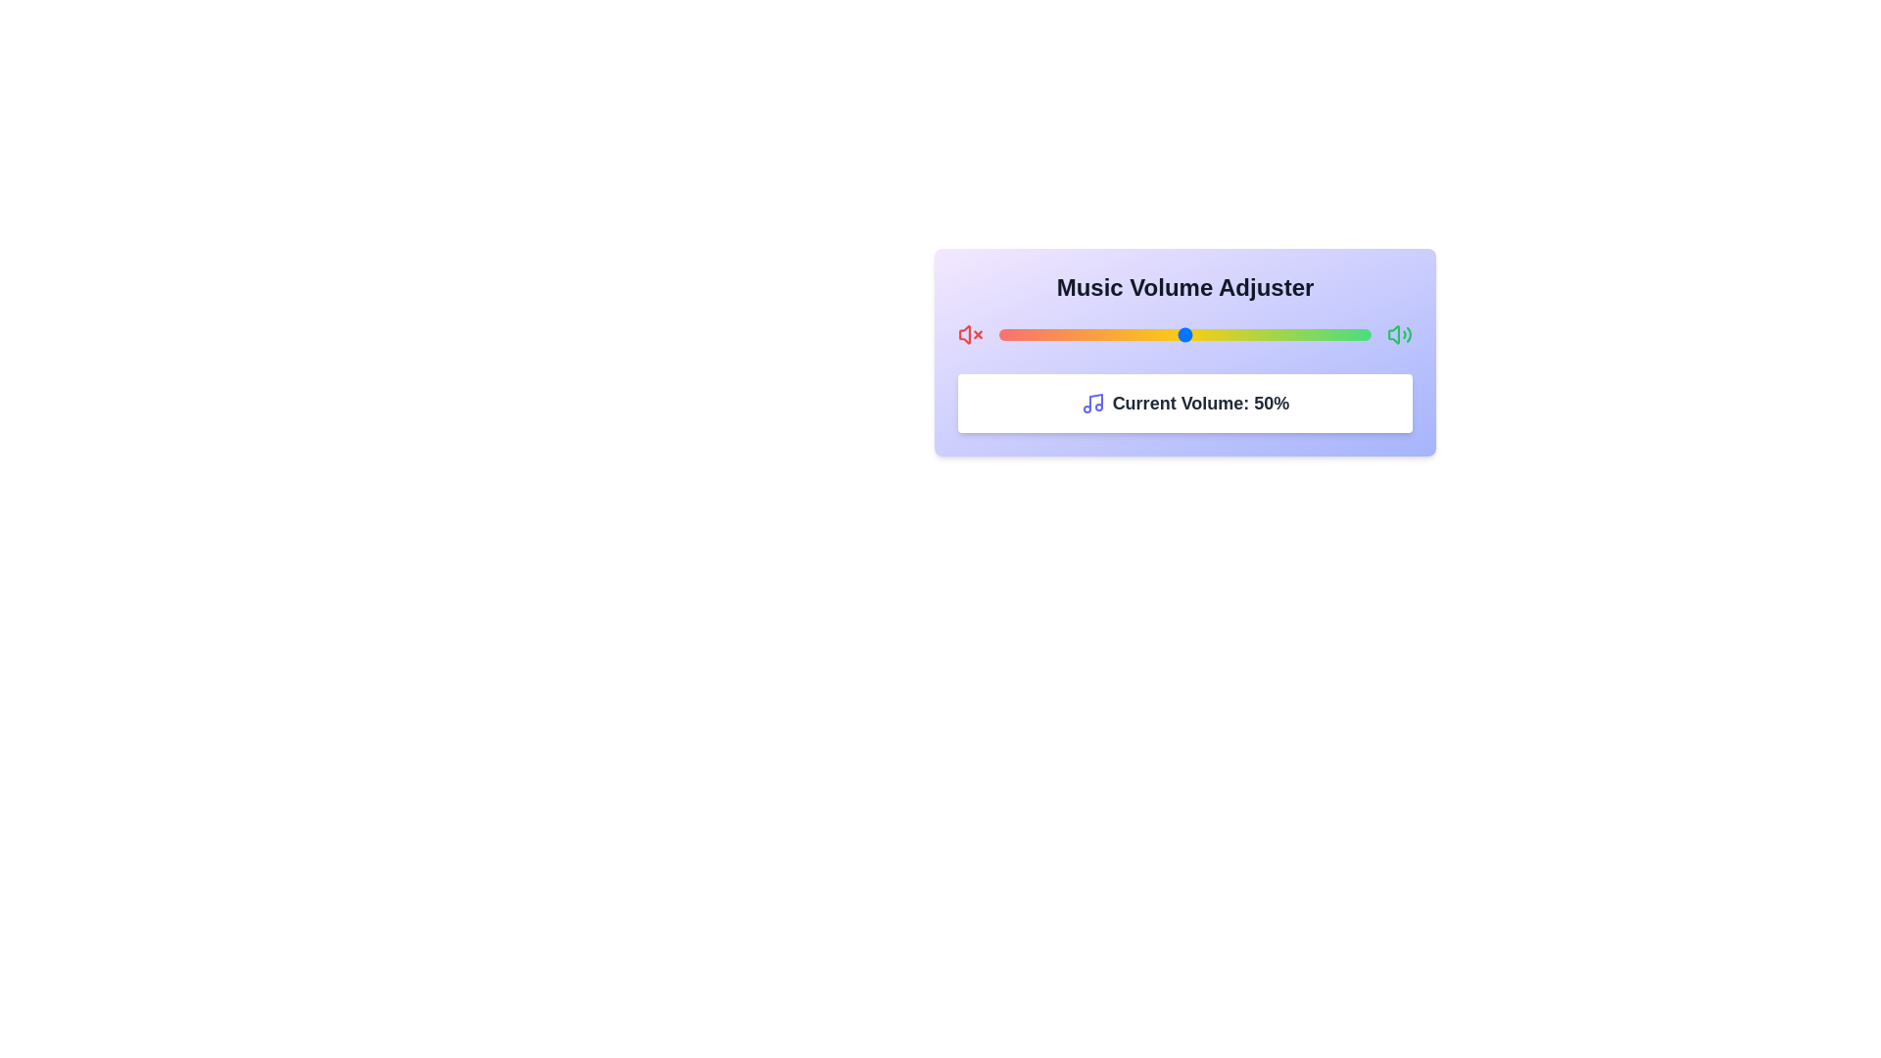 The width and height of the screenshot is (1881, 1058). Describe the element at coordinates (1398, 334) in the screenshot. I see `the max volume icon` at that location.